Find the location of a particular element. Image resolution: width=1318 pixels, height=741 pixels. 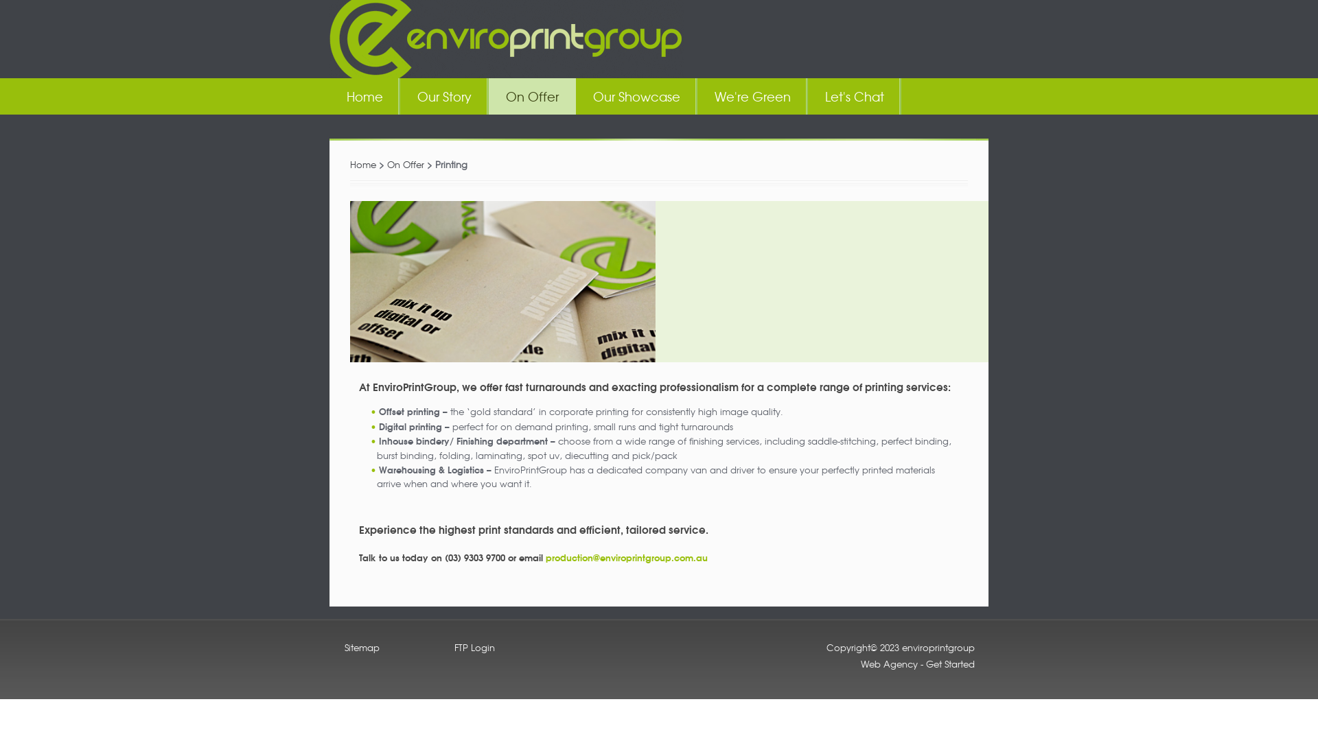

'On Offer' is located at coordinates (404, 163).